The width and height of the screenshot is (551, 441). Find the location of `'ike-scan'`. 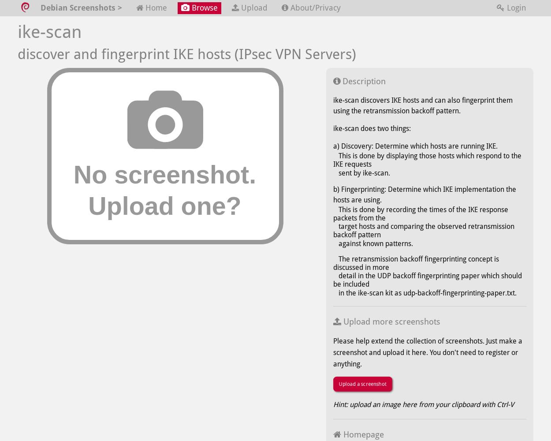

'ike-scan' is located at coordinates (49, 31).